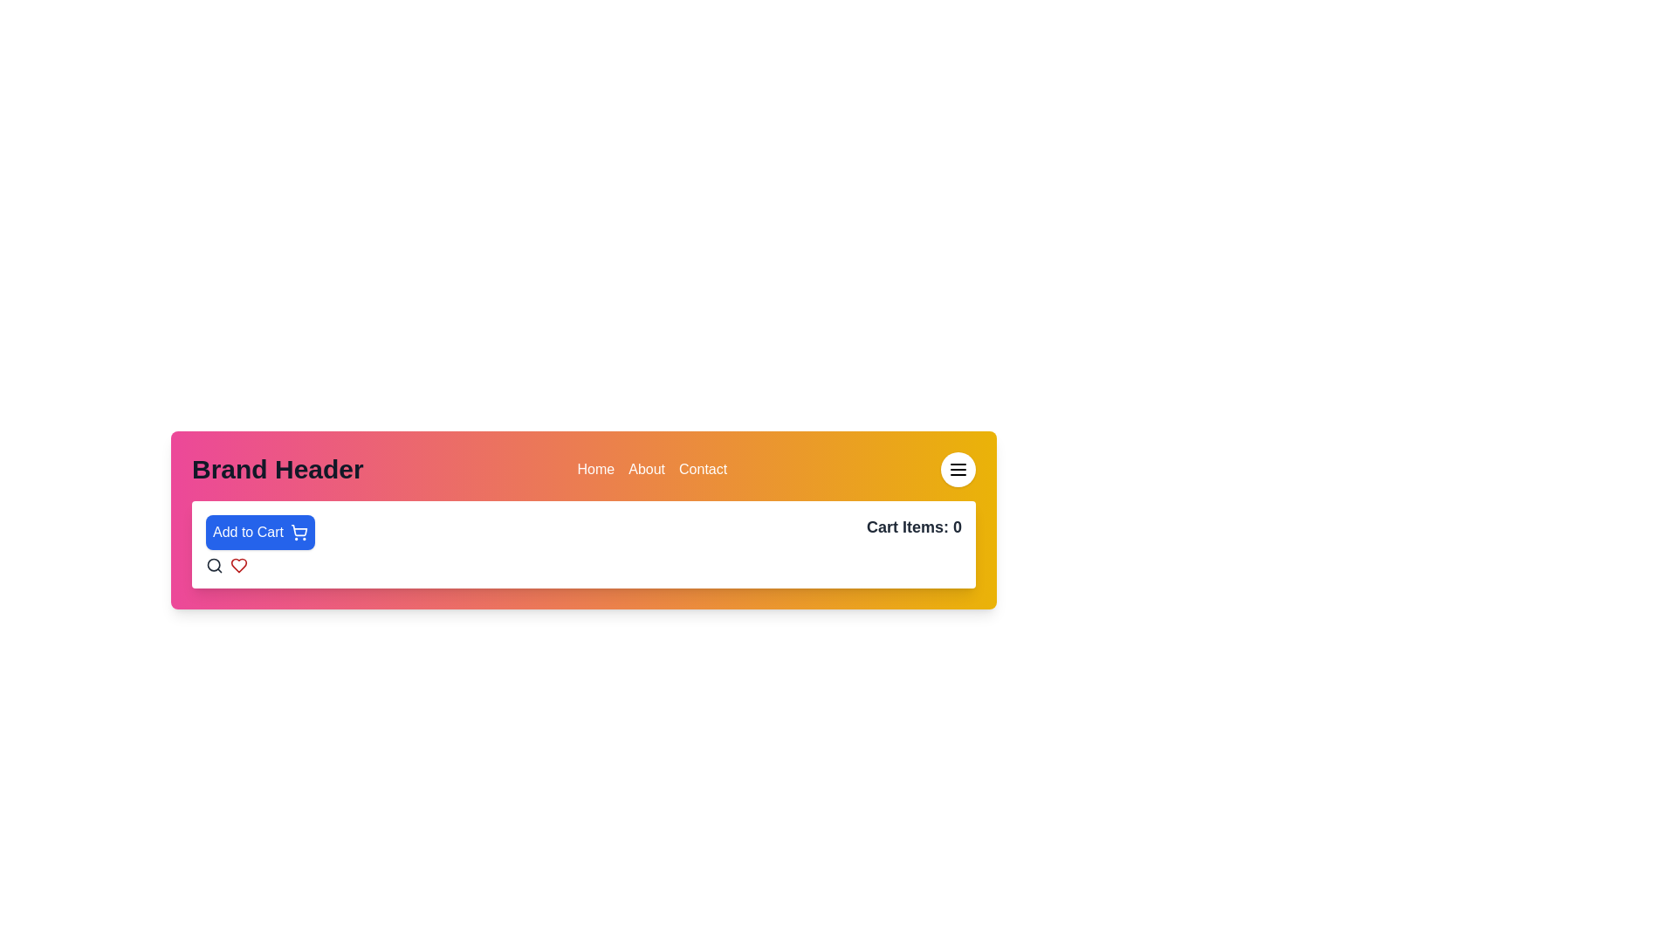 The width and height of the screenshot is (1676, 943). I want to click on the 'Cart Items: 0' text label element, which is a large, bold, gray text located in the header section, right-aligned next to the menu icon, so click(913, 531).